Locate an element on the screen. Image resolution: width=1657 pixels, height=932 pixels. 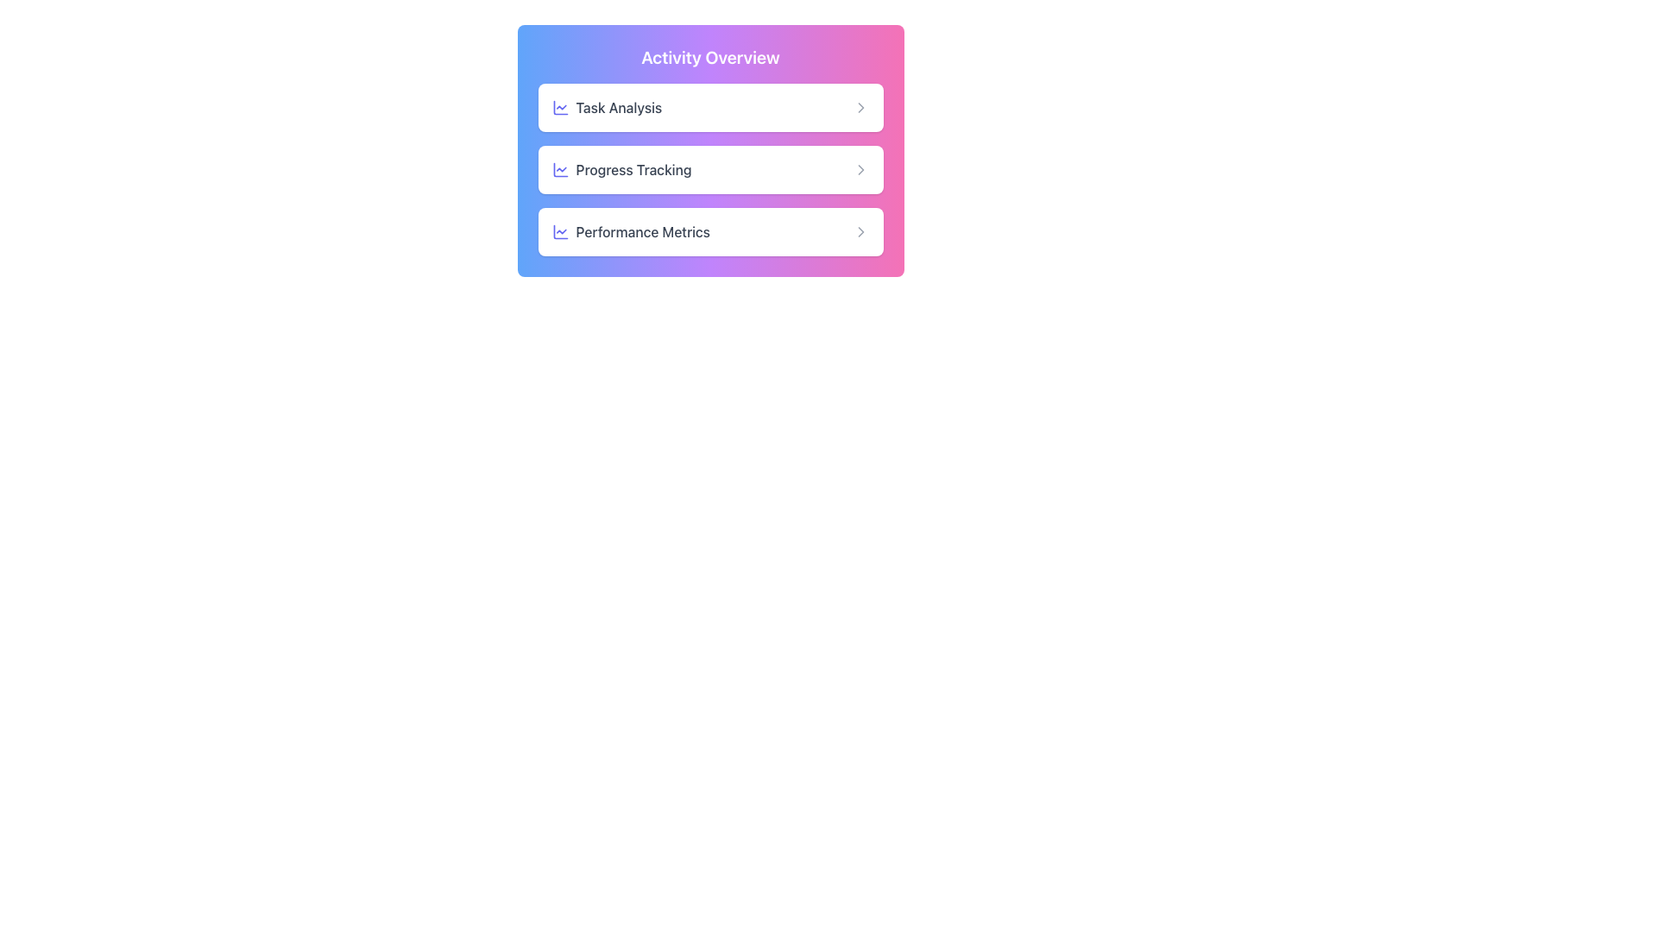
the actionable icon located at the far right of the 'Performance Metrics' button, which indicates that clicking it will navigate or expand further content is located at coordinates (860, 231).